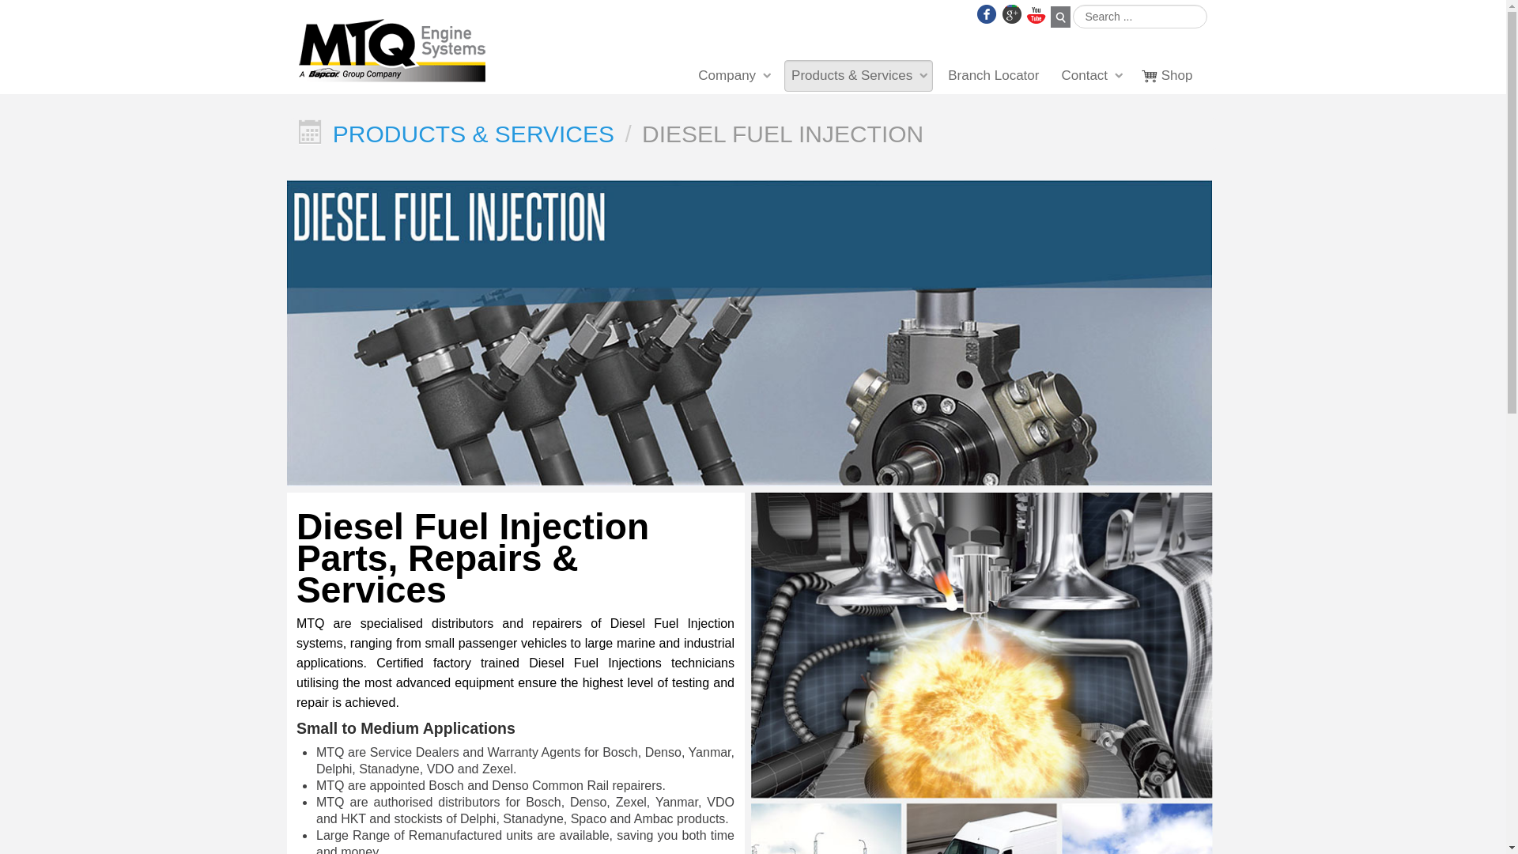 The width and height of the screenshot is (1518, 854). What do you see at coordinates (1055, 76) in the screenshot?
I see `'Contact'` at bounding box center [1055, 76].